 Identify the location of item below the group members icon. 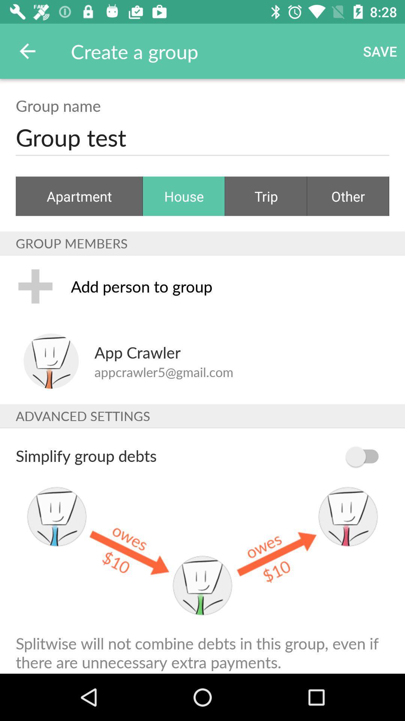
(229, 286).